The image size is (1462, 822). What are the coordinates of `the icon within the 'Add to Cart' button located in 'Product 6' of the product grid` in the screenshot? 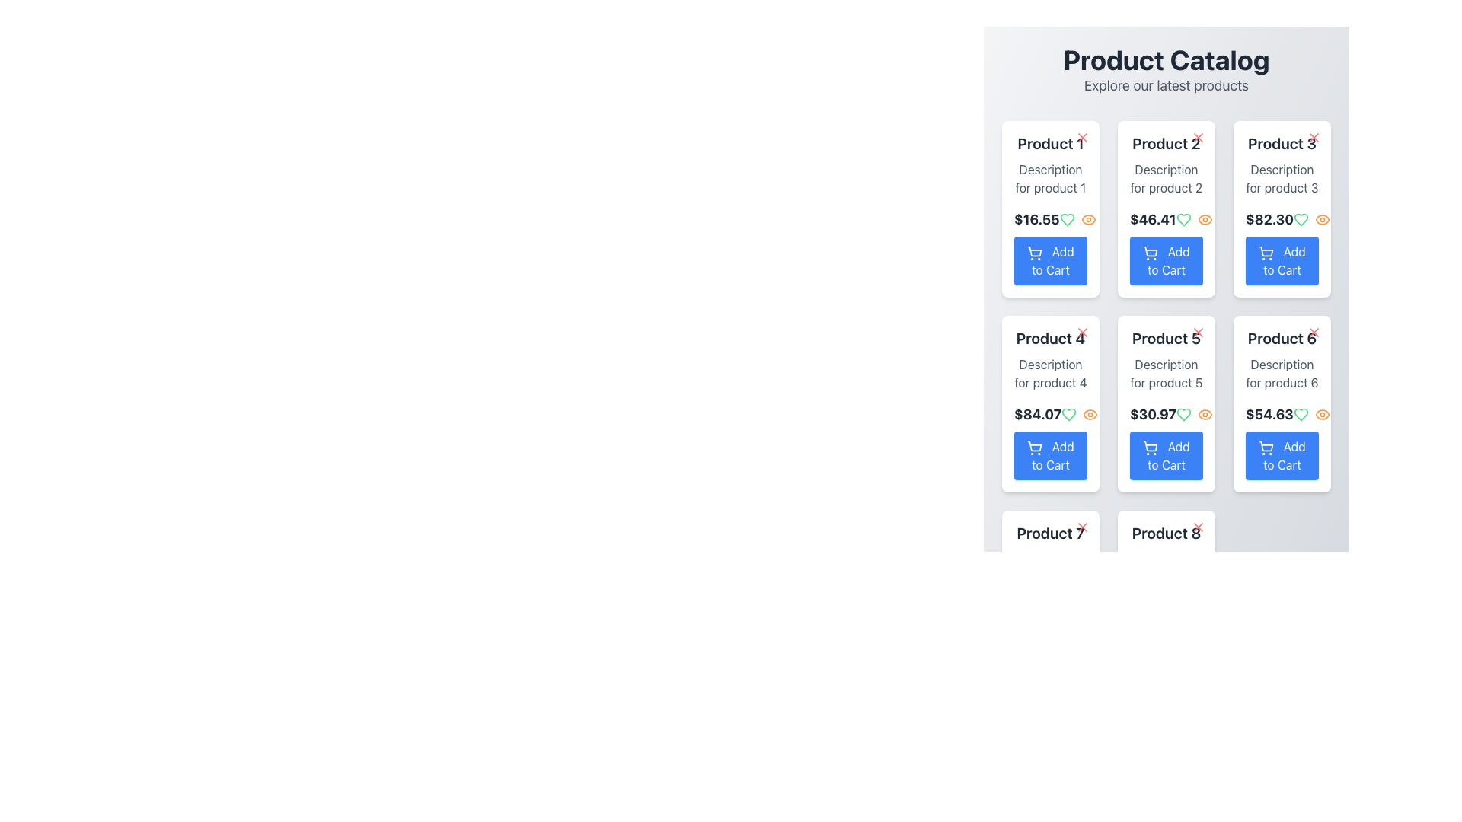 It's located at (1266, 447).